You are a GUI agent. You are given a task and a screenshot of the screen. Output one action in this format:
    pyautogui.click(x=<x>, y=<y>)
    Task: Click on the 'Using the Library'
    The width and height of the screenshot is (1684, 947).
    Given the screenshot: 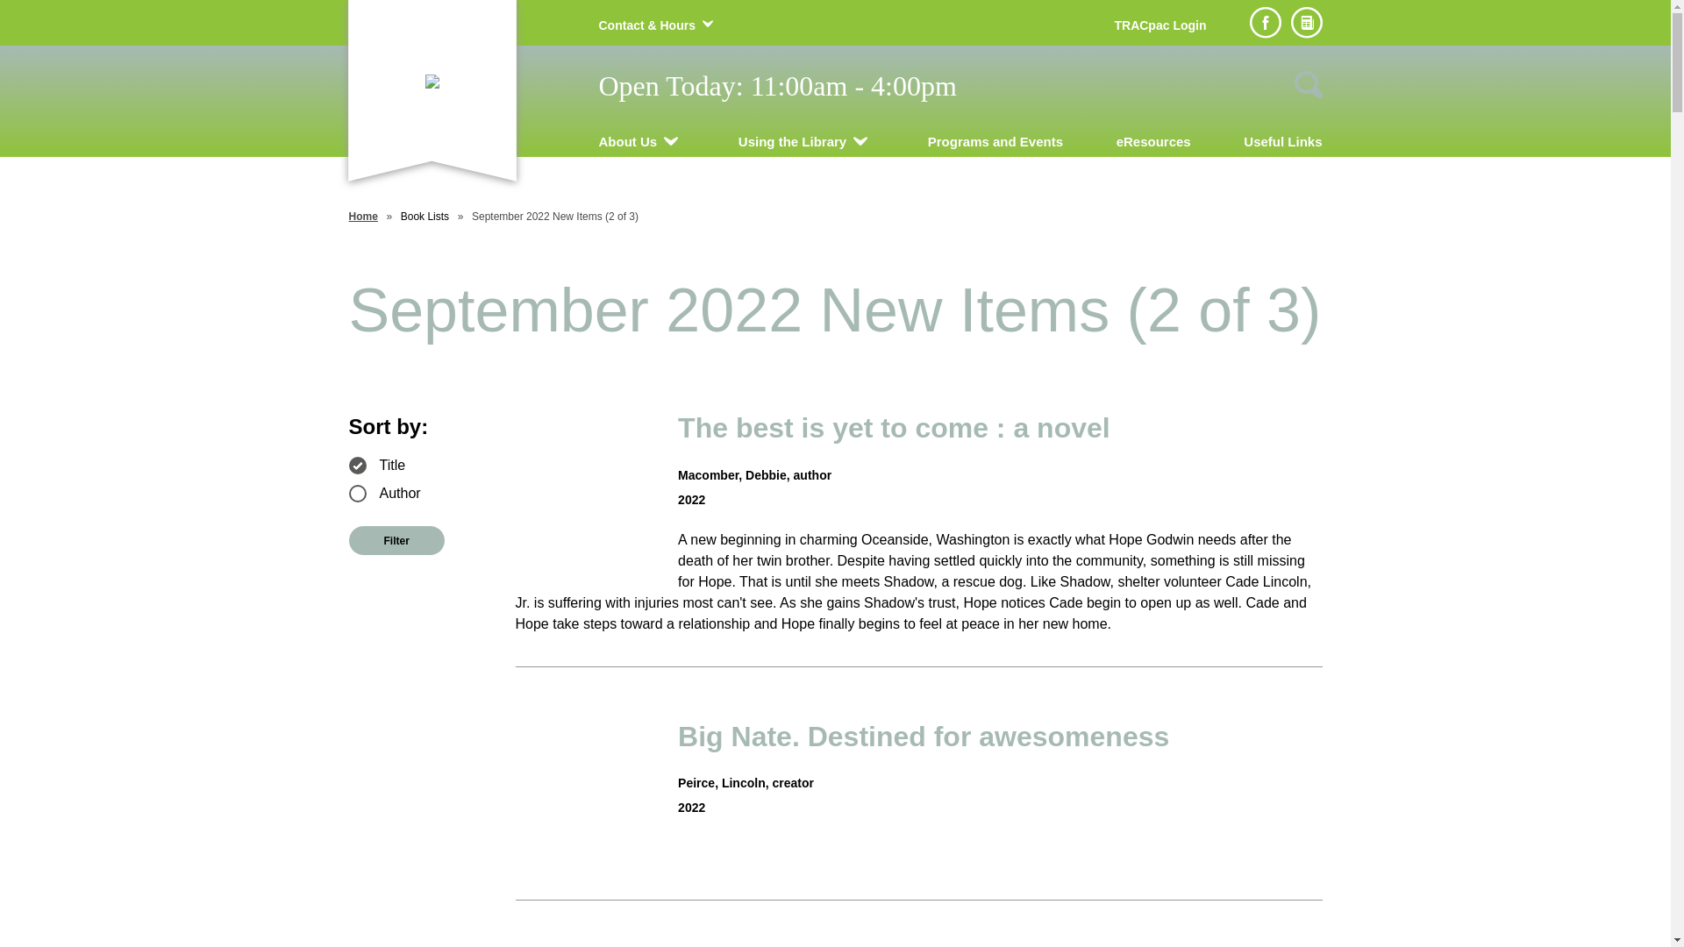 What is the action you would take?
    pyautogui.click(x=791, y=140)
    